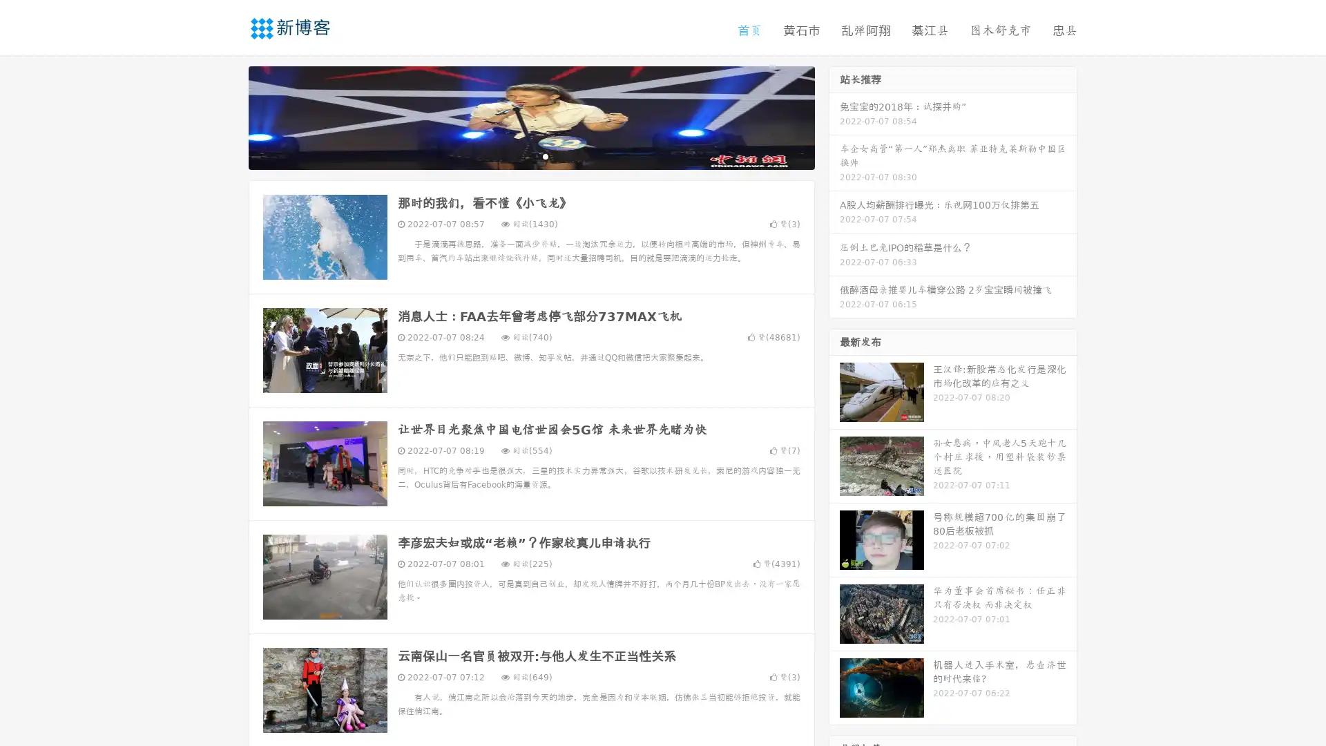 The width and height of the screenshot is (1326, 746). I want to click on Go to slide 1, so click(517, 155).